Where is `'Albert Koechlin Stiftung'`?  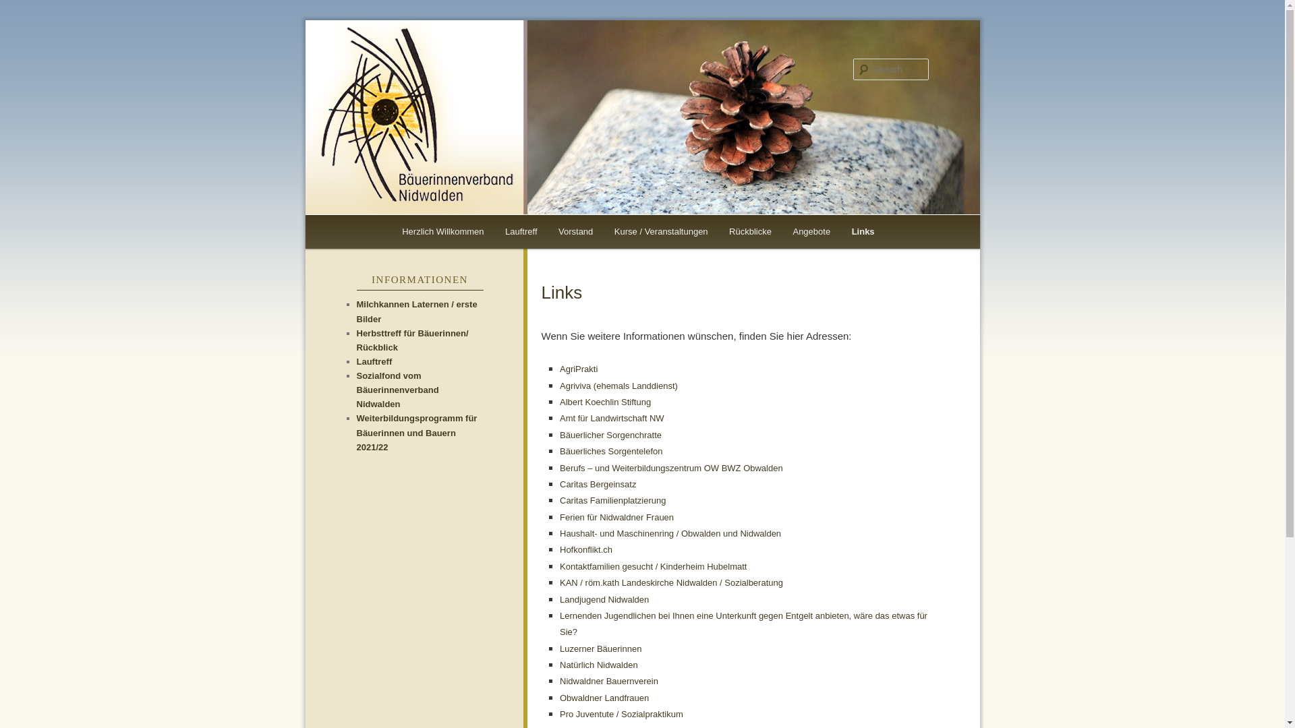 'Albert Koechlin Stiftung' is located at coordinates (604, 401).